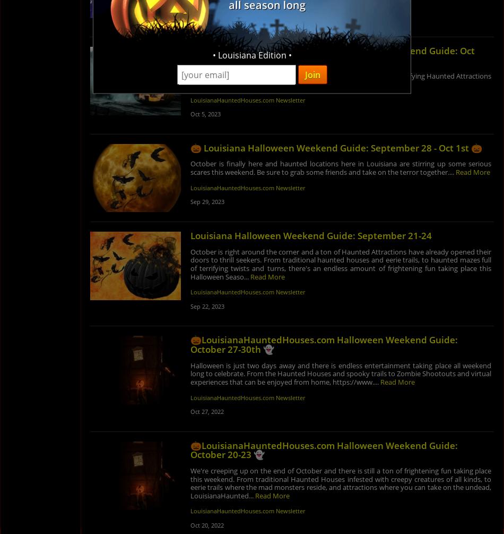  What do you see at coordinates (335, 147) in the screenshot?
I see `'🎃 Louisiana Halloween Weekend Guide: September 28 - Oct 1st 🎃'` at bounding box center [335, 147].